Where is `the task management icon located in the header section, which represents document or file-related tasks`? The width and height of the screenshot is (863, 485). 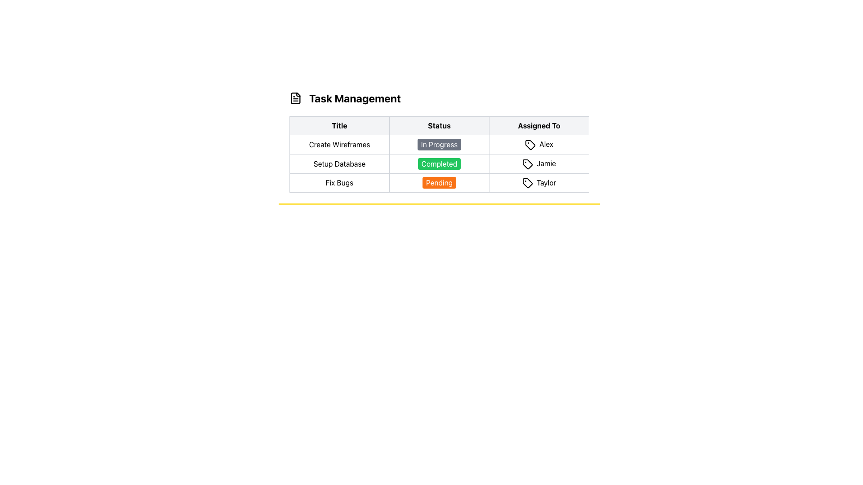 the task management icon located in the header section, which represents document or file-related tasks is located at coordinates (295, 98).